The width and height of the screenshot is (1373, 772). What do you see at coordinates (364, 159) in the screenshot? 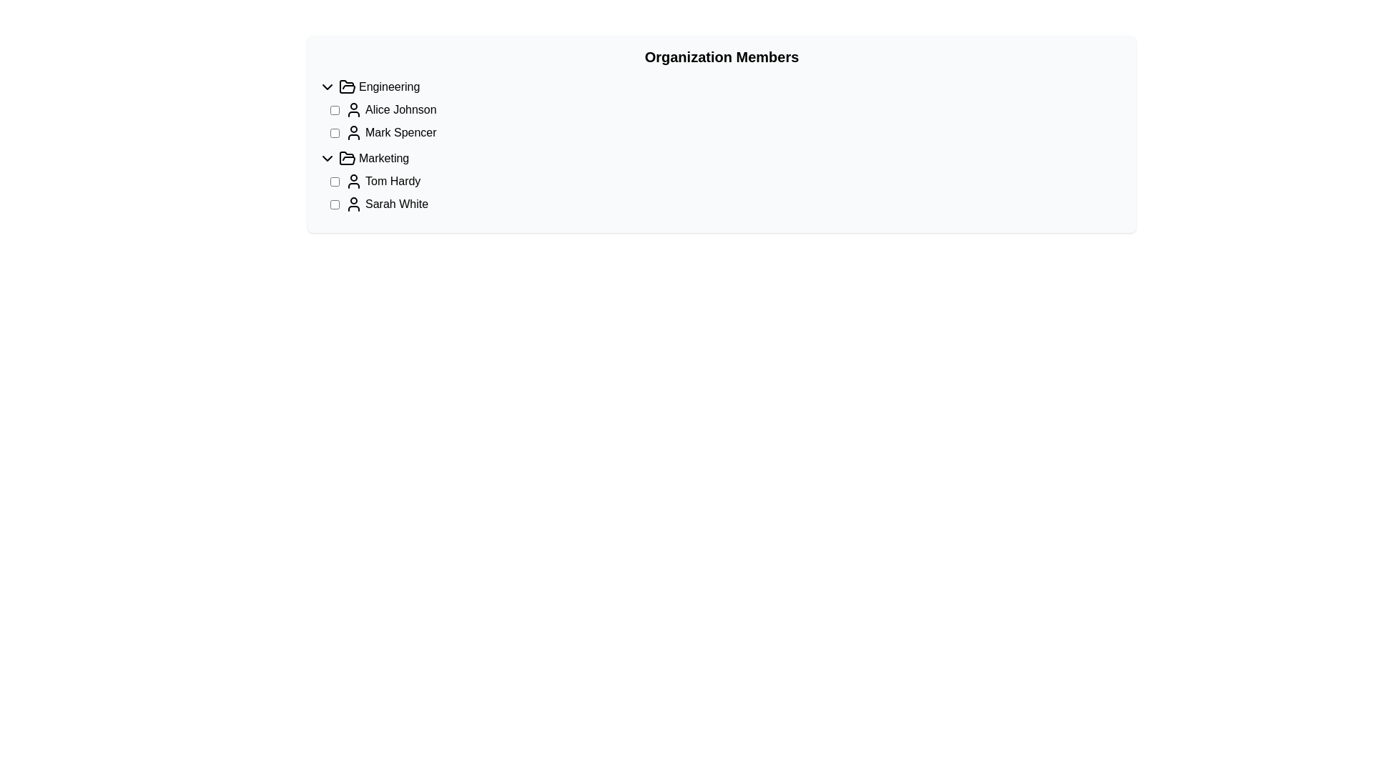
I see `the second collapsible list item labeled 'Marketing'` at bounding box center [364, 159].